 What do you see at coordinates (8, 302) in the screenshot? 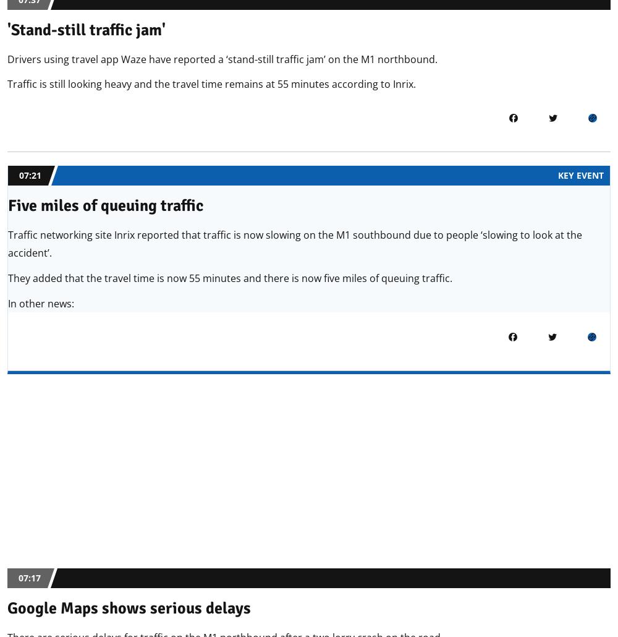
I see `'In other news:'` at bounding box center [8, 302].